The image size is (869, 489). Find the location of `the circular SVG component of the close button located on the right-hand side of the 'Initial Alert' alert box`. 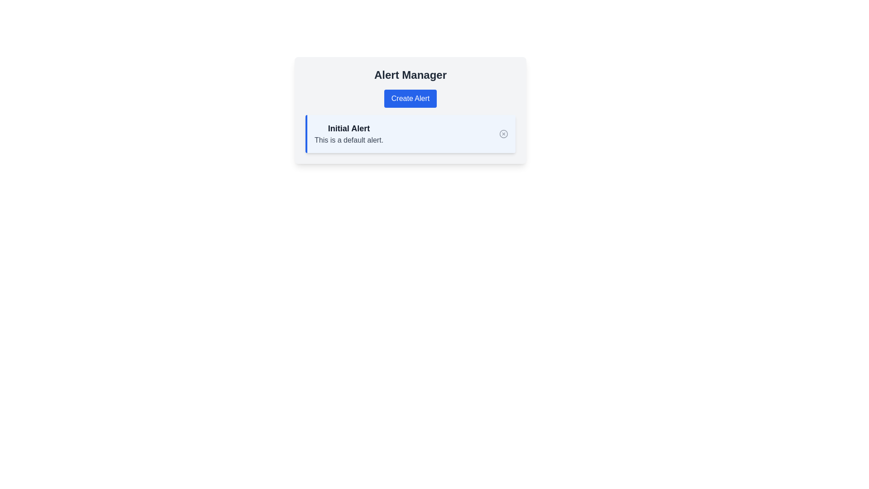

the circular SVG component of the close button located on the right-hand side of the 'Initial Alert' alert box is located at coordinates (503, 134).